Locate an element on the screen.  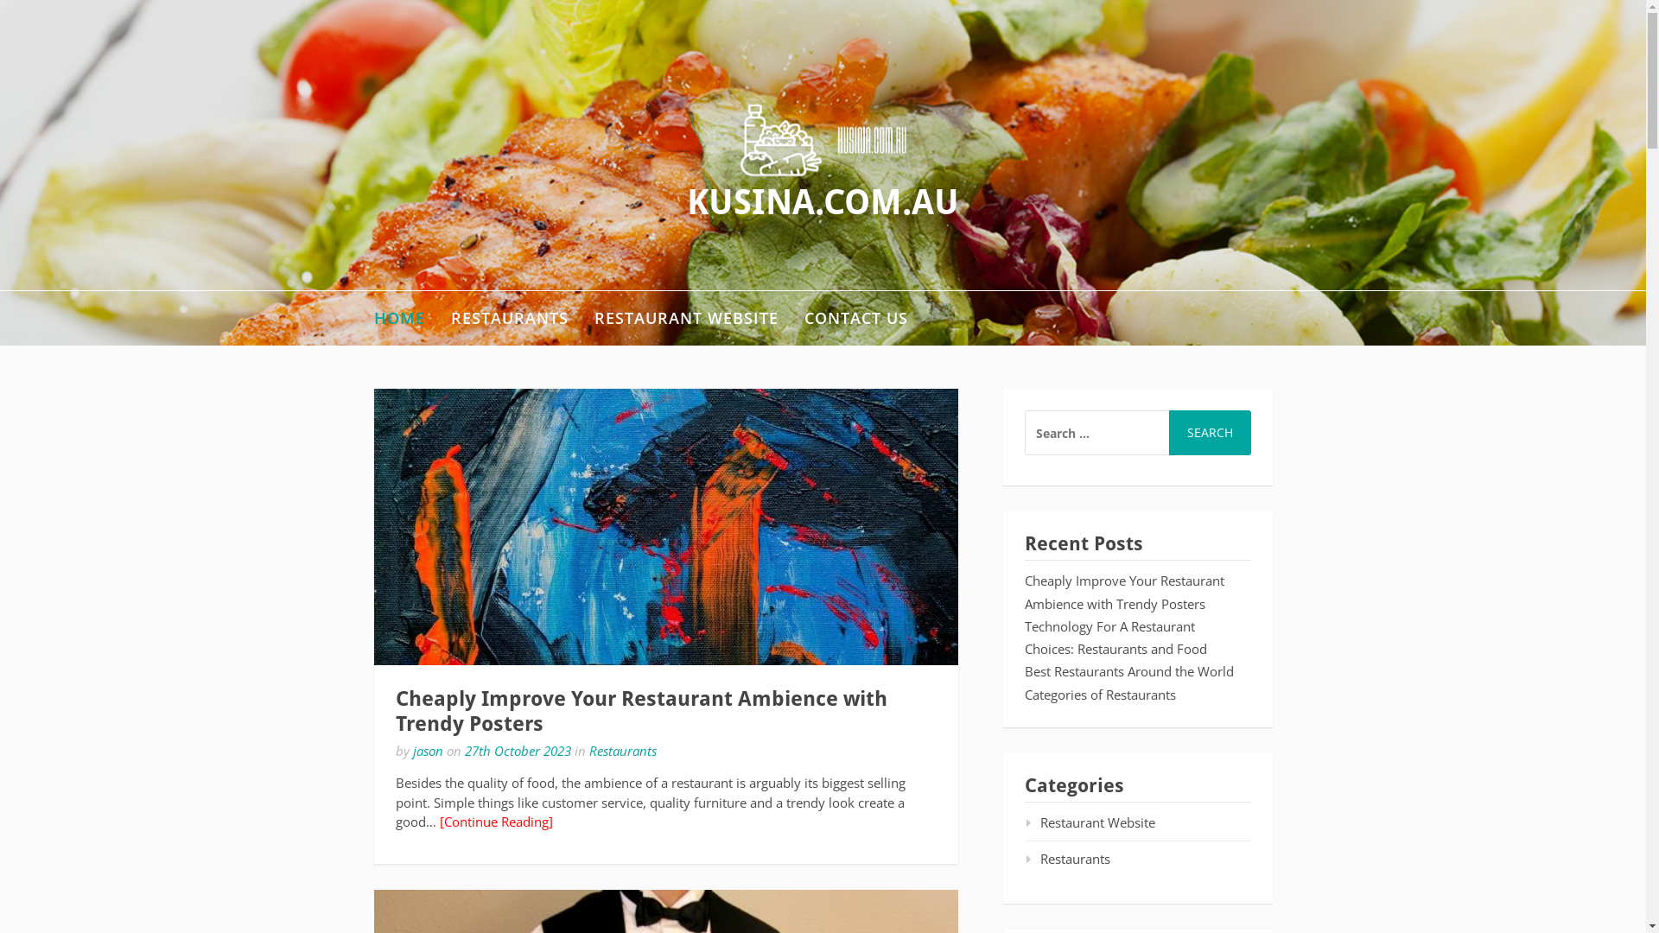
'[Continue Reading]' is located at coordinates (439, 821).